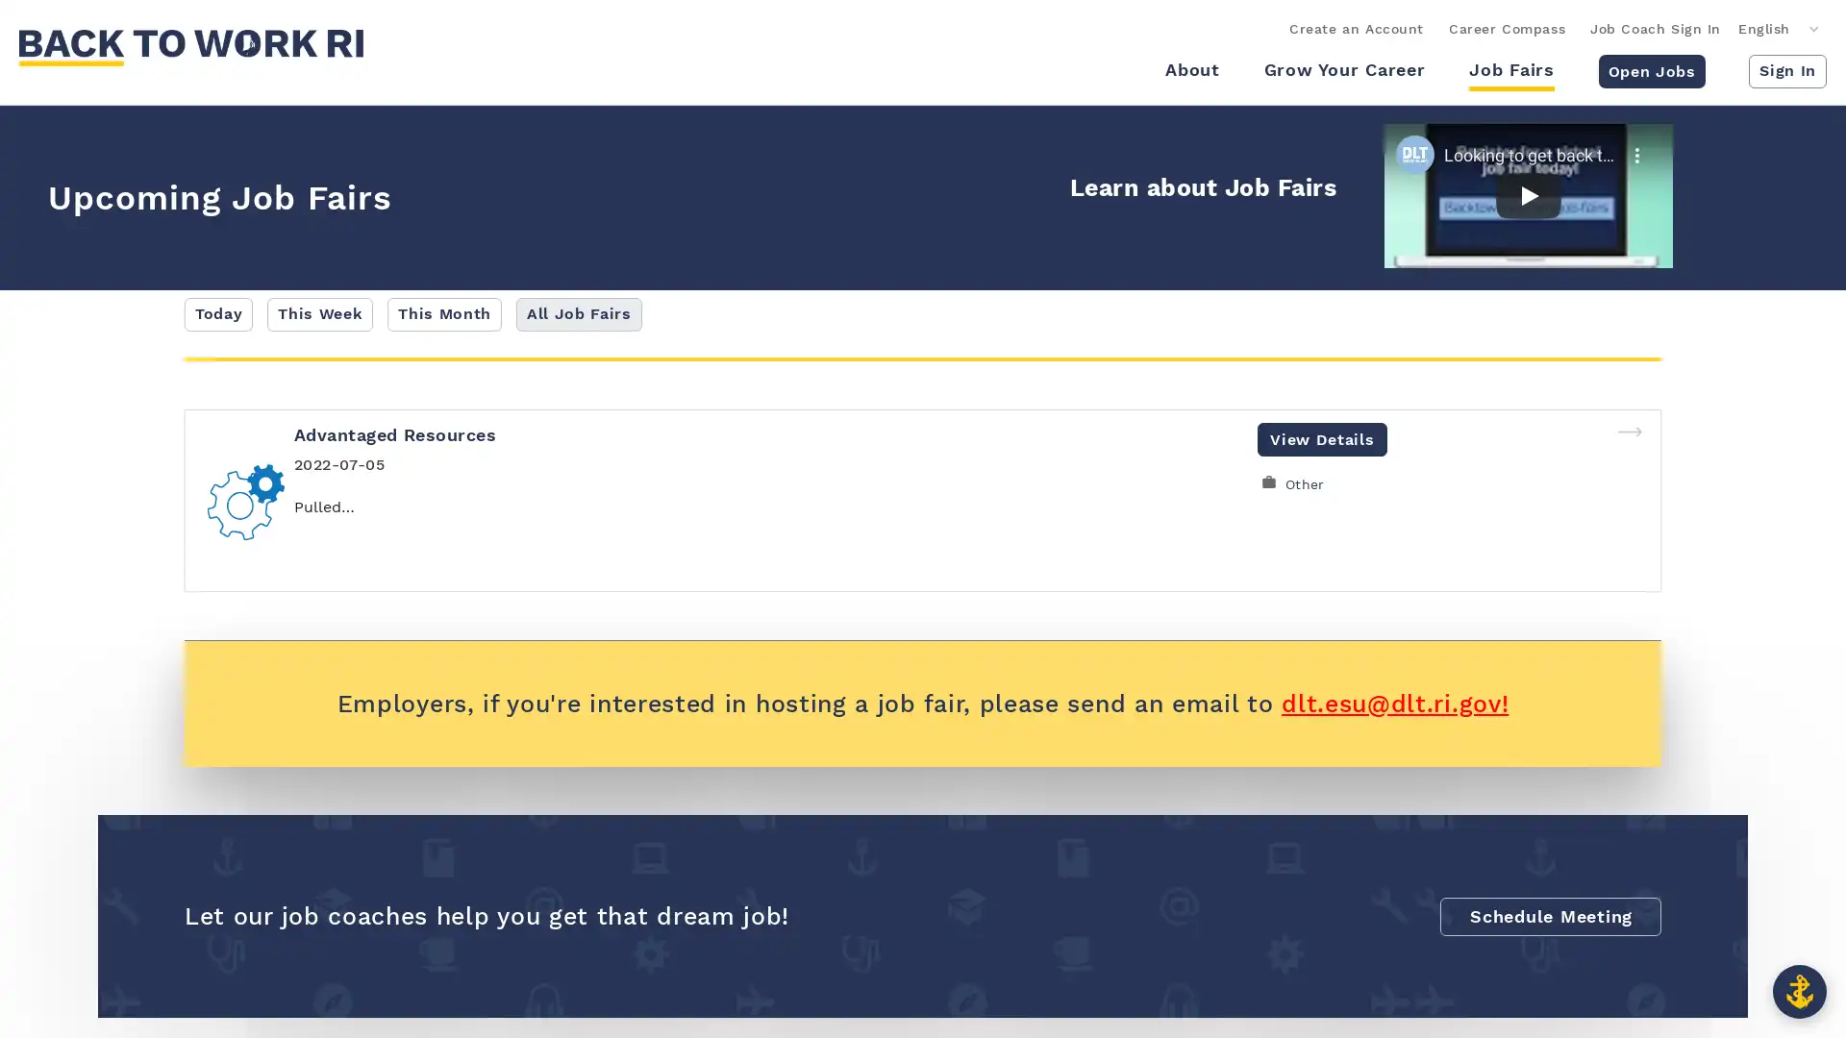  I want to click on Today, so click(218, 313).